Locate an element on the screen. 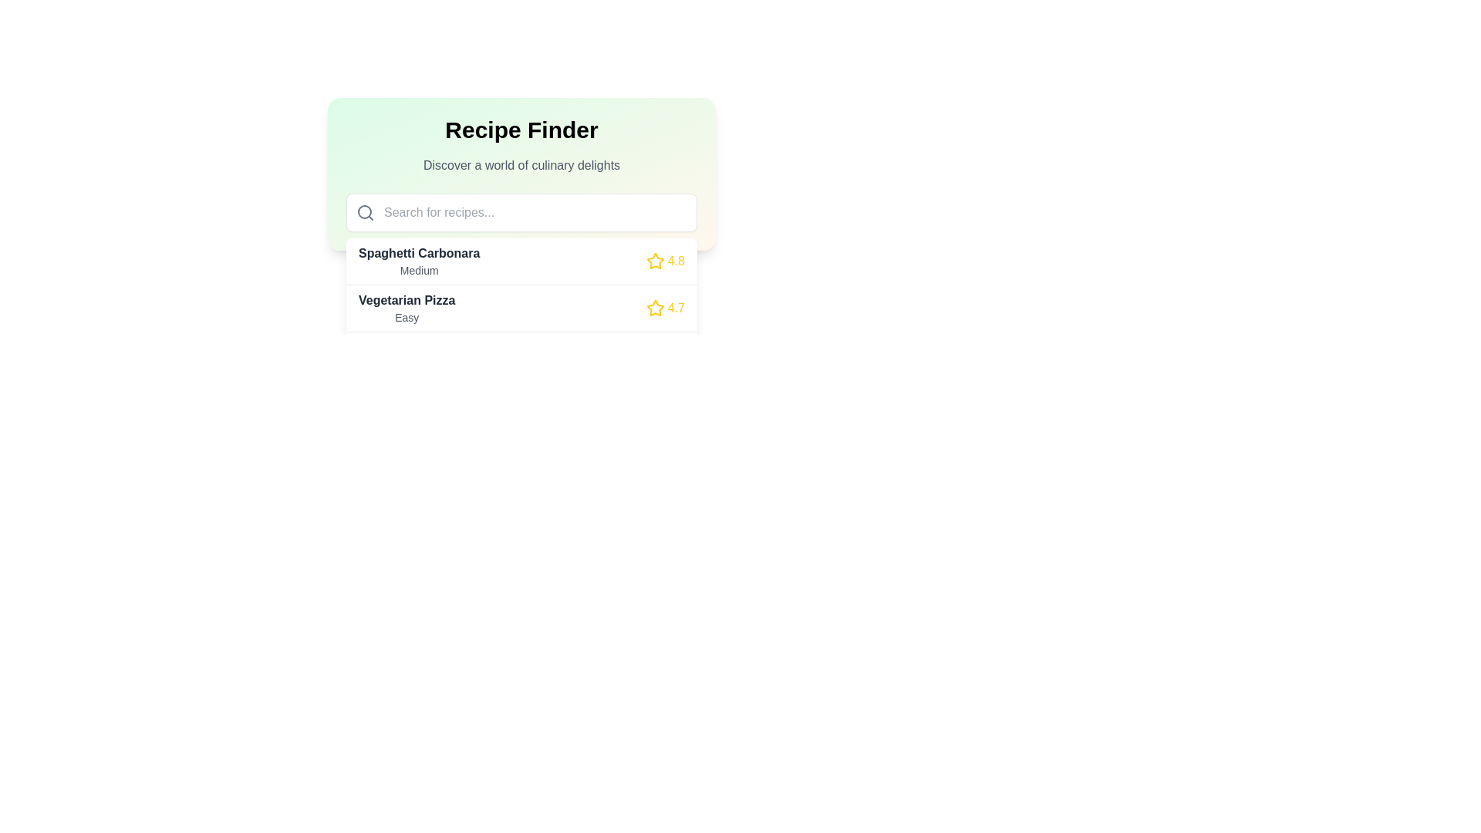 This screenshot has height=833, width=1481. the text label displaying the numeric value '4.8' in bold yellow font, located to the right of the 'Spaghetti Carbonara' list item and adjacent to a star icon is located at coordinates (676, 261).